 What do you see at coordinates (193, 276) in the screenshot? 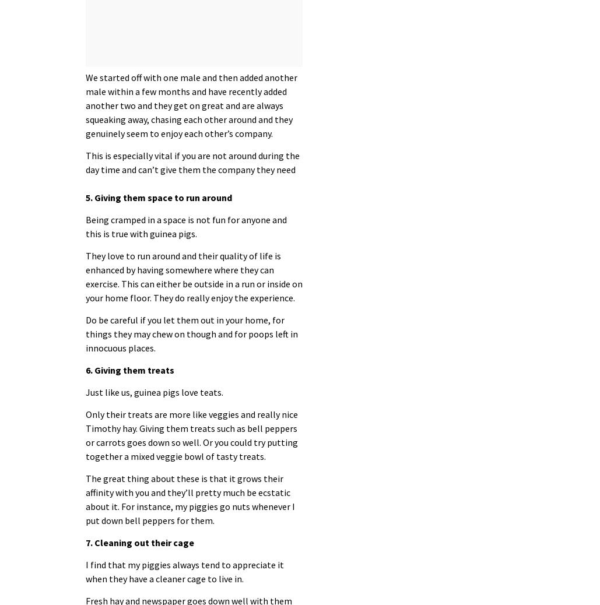
I see `'They love to run around and their quality of life is enhanced by having somewhere where they can exercise. This can either be outside in a run or inside on your home floor. They do really enjoy the experience.'` at bounding box center [193, 276].